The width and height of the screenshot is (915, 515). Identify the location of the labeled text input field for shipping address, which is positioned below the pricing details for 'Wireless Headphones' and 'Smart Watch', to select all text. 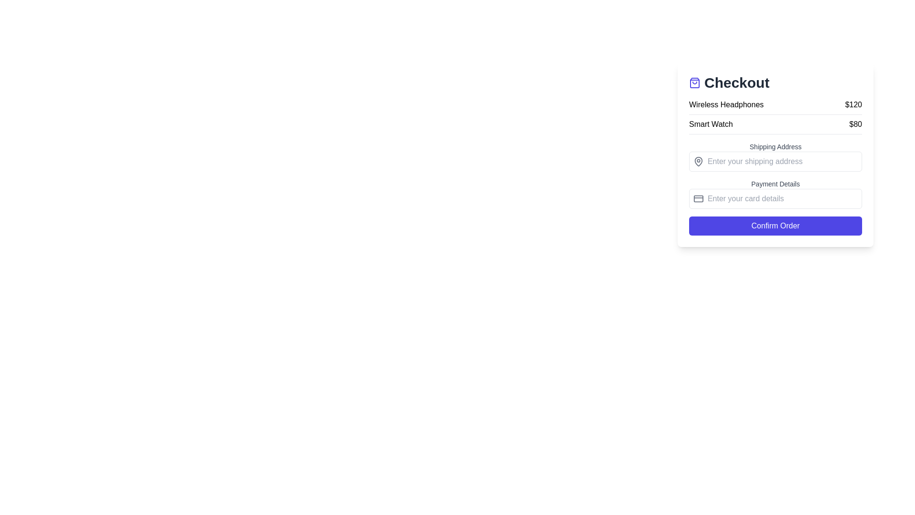
(775, 156).